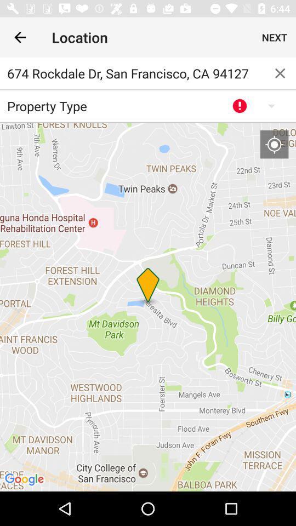 The image size is (296, 526). I want to click on the location_crosshair icon, so click(274, 144).